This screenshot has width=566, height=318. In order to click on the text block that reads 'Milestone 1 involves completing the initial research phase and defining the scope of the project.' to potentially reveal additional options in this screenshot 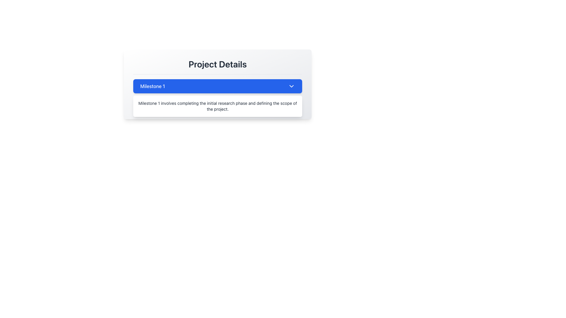, I will do `click(217, 106)`.